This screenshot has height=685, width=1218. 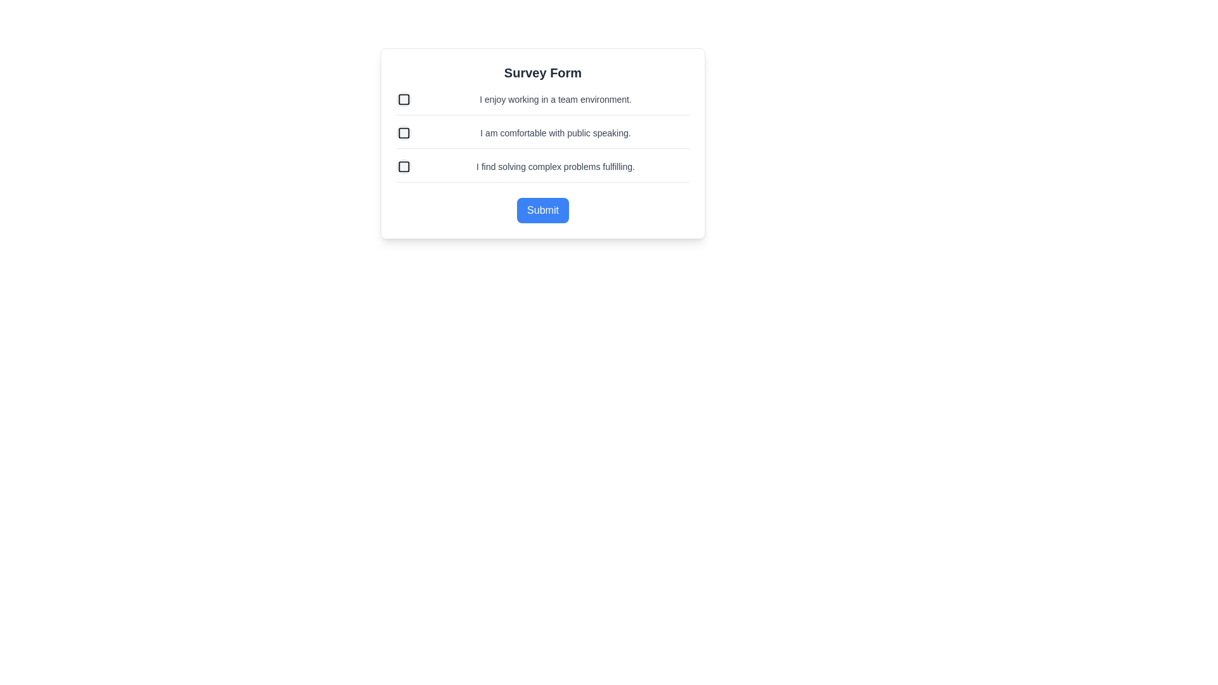 I want to click on the checkbox located next to the text option 'I find solving complex problems fulfilling.' to observe any hover state changes, so click(x=403, y=166).